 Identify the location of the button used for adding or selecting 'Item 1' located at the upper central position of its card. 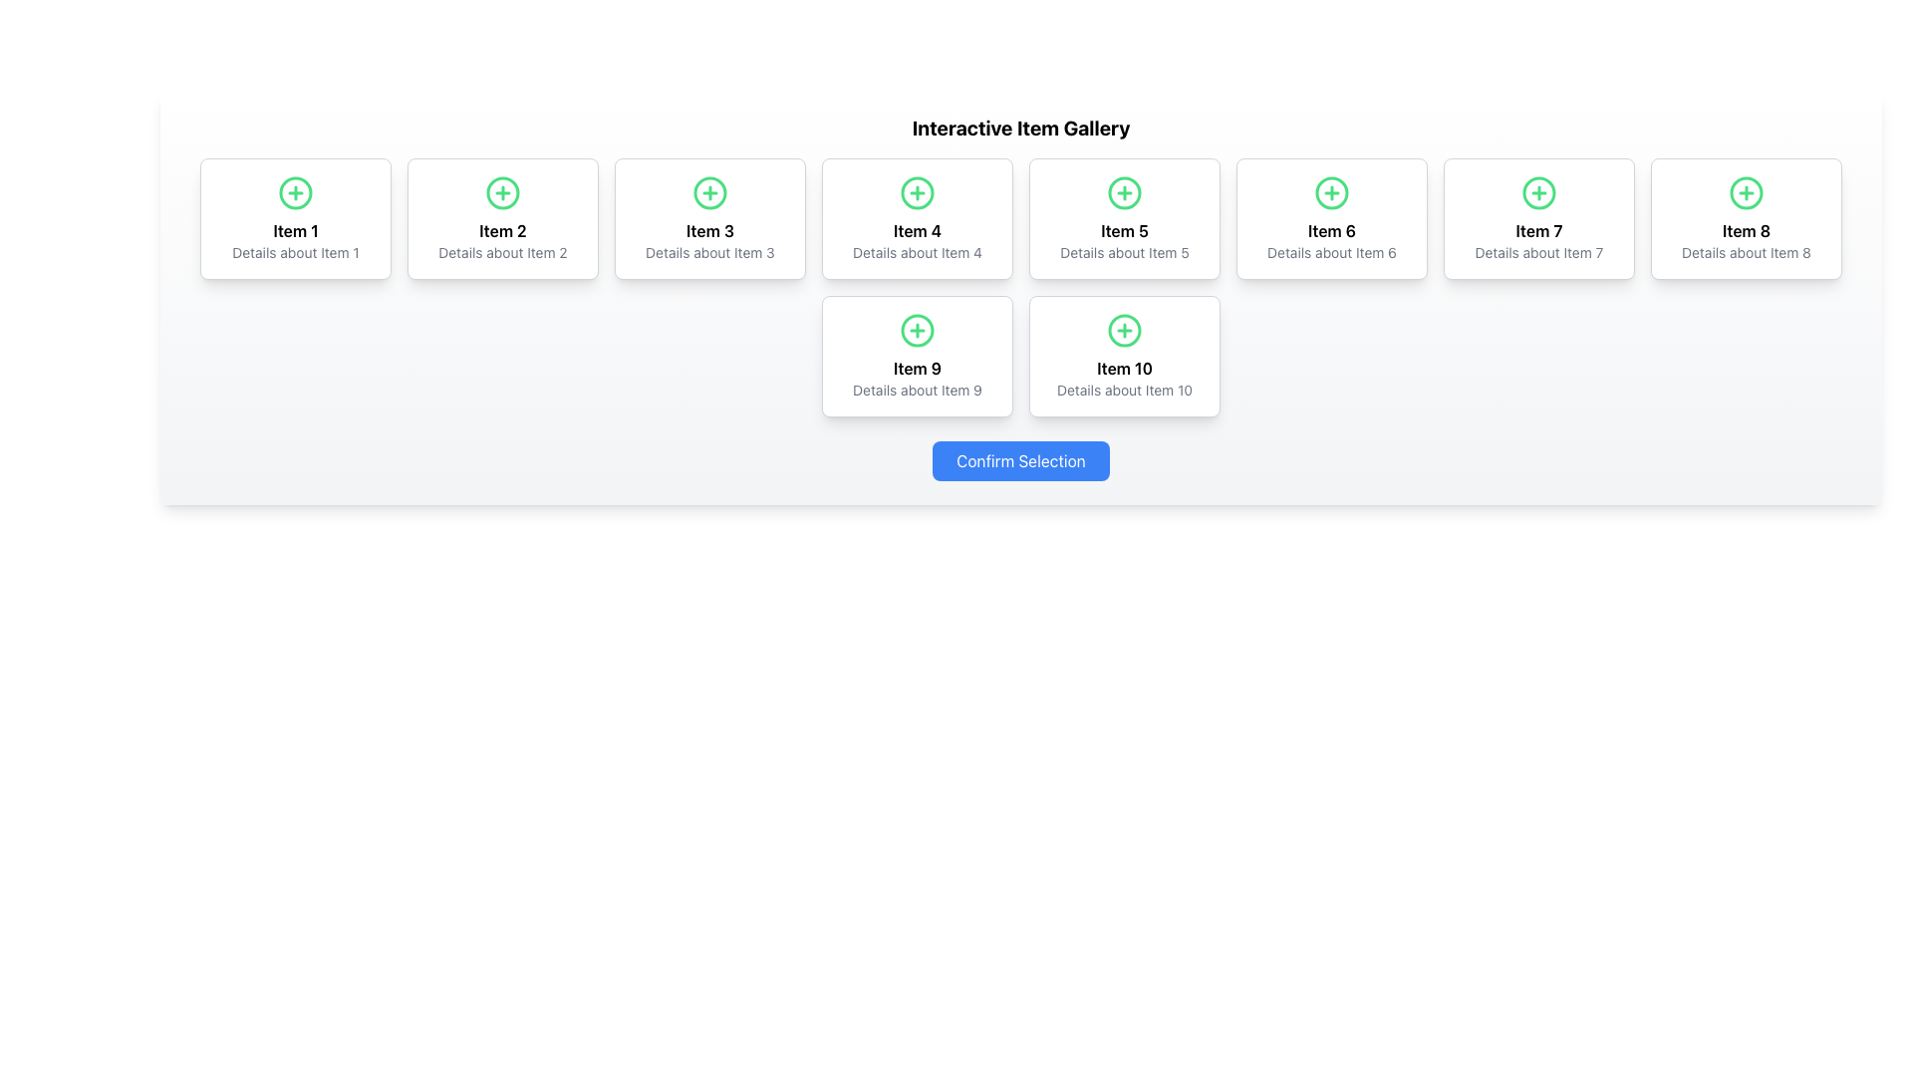
(295, 192).